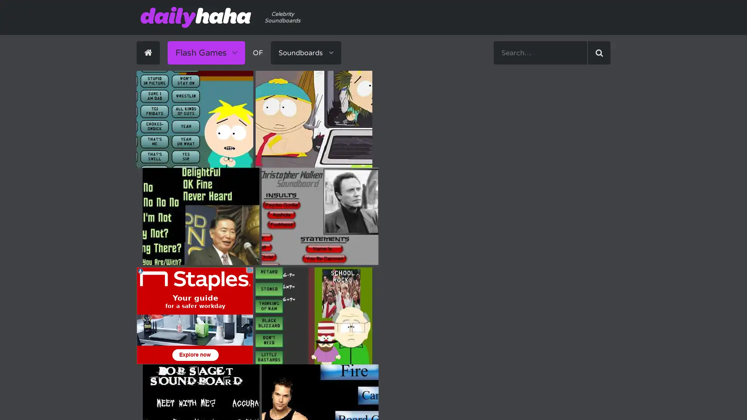 The height and width of the screenshot is (420, 747). I want to click on Submit, so click(421, 63).